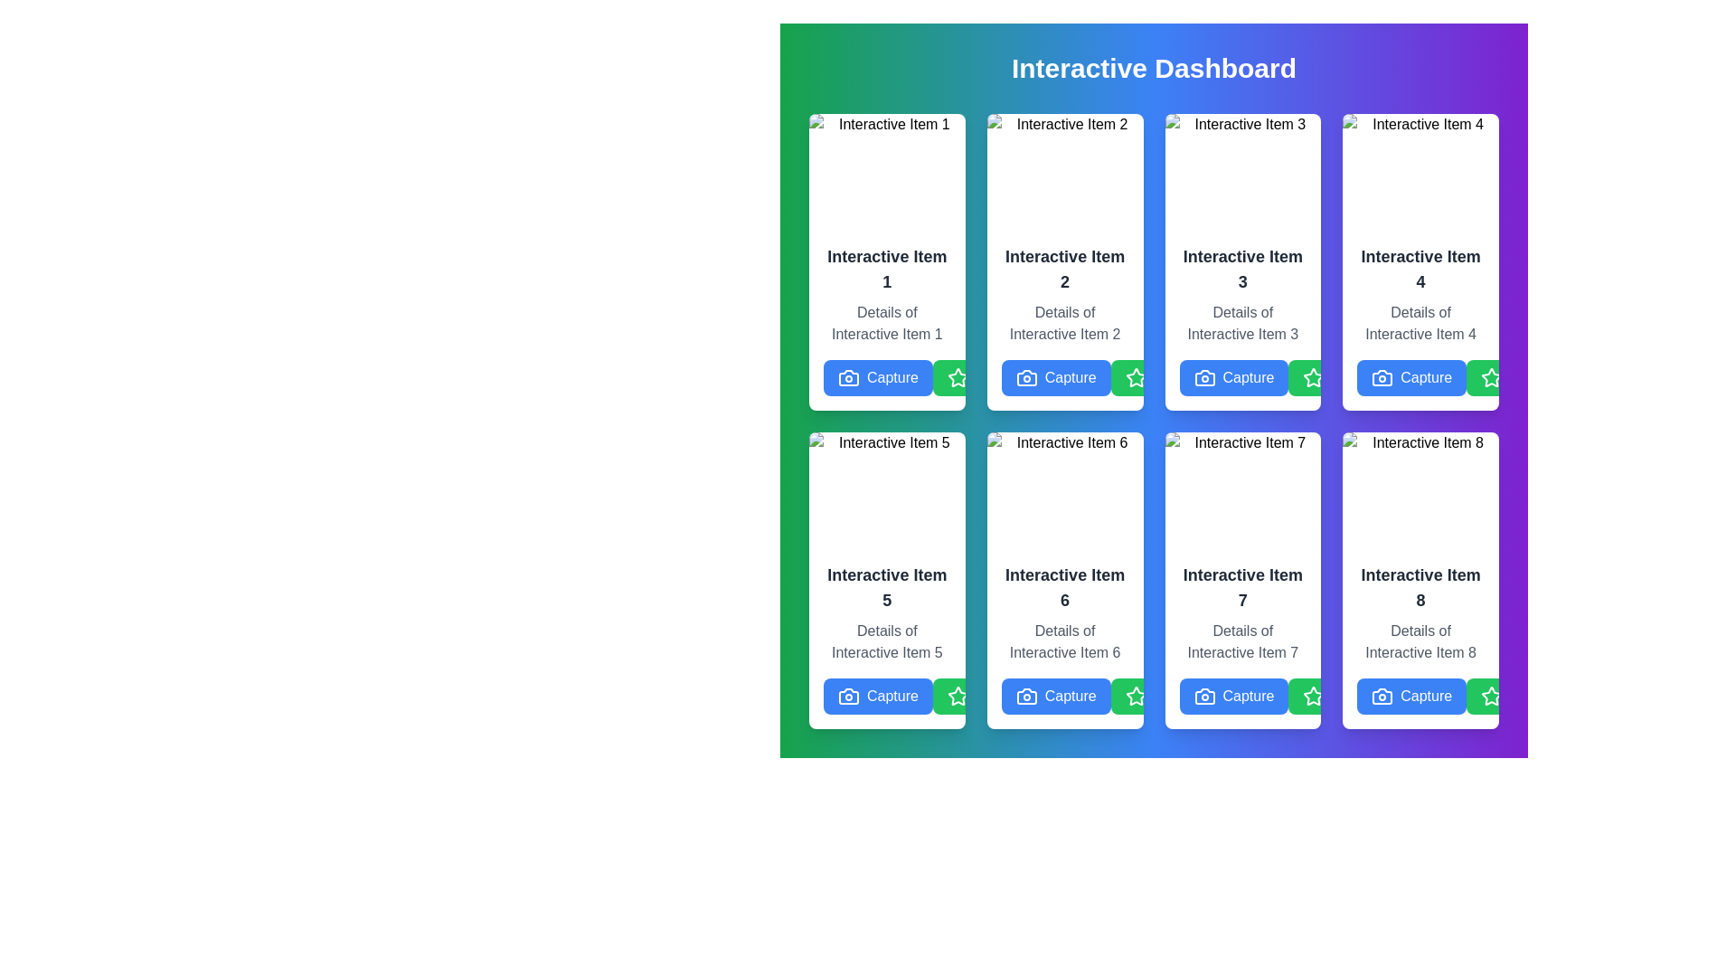  I want to click on the camera icon located in the bottom section of the second card labeled 'Interactive Item 2' in the grid layout, so click(1026, 376).